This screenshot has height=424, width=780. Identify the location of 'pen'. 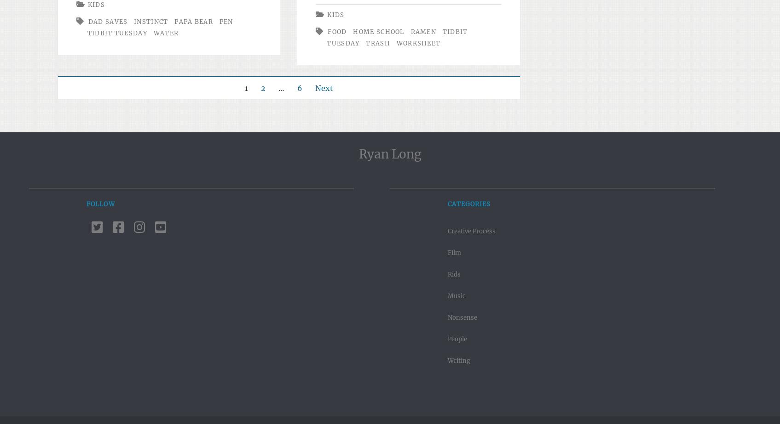
(225, 22).